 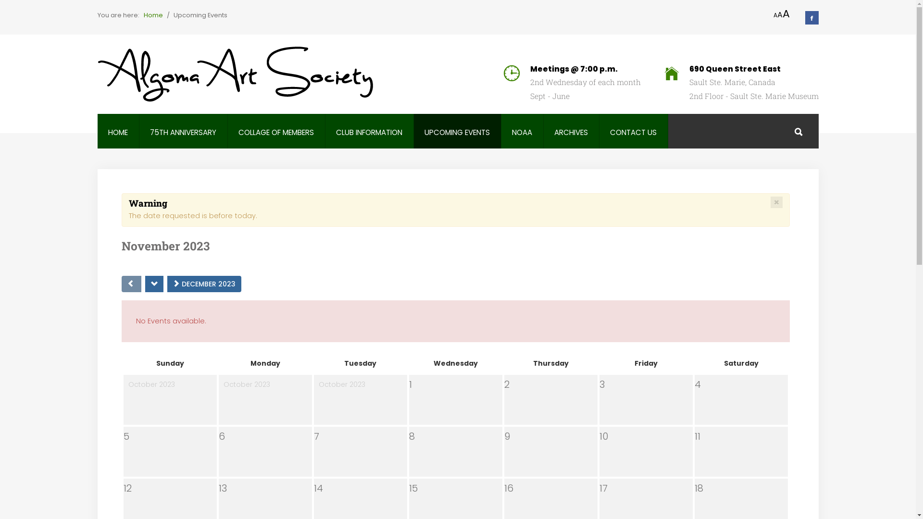 I want to click on 'A', so click(x=786, y=14).